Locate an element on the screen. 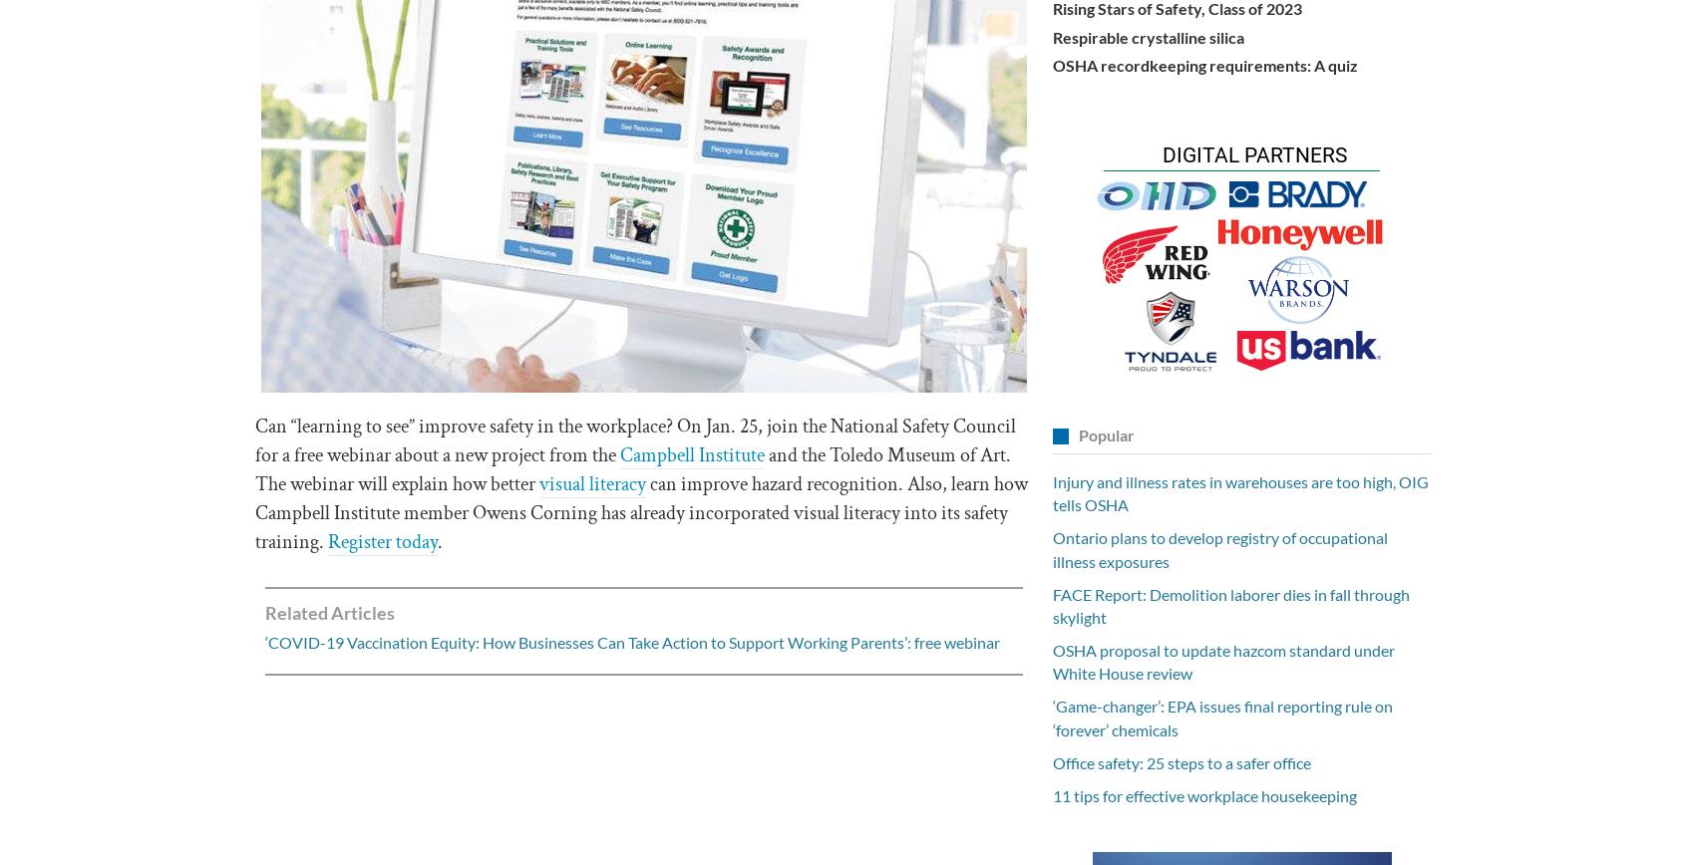 The image size is (1687, 865). 'Popular' is located at coordinates (1106, 433).